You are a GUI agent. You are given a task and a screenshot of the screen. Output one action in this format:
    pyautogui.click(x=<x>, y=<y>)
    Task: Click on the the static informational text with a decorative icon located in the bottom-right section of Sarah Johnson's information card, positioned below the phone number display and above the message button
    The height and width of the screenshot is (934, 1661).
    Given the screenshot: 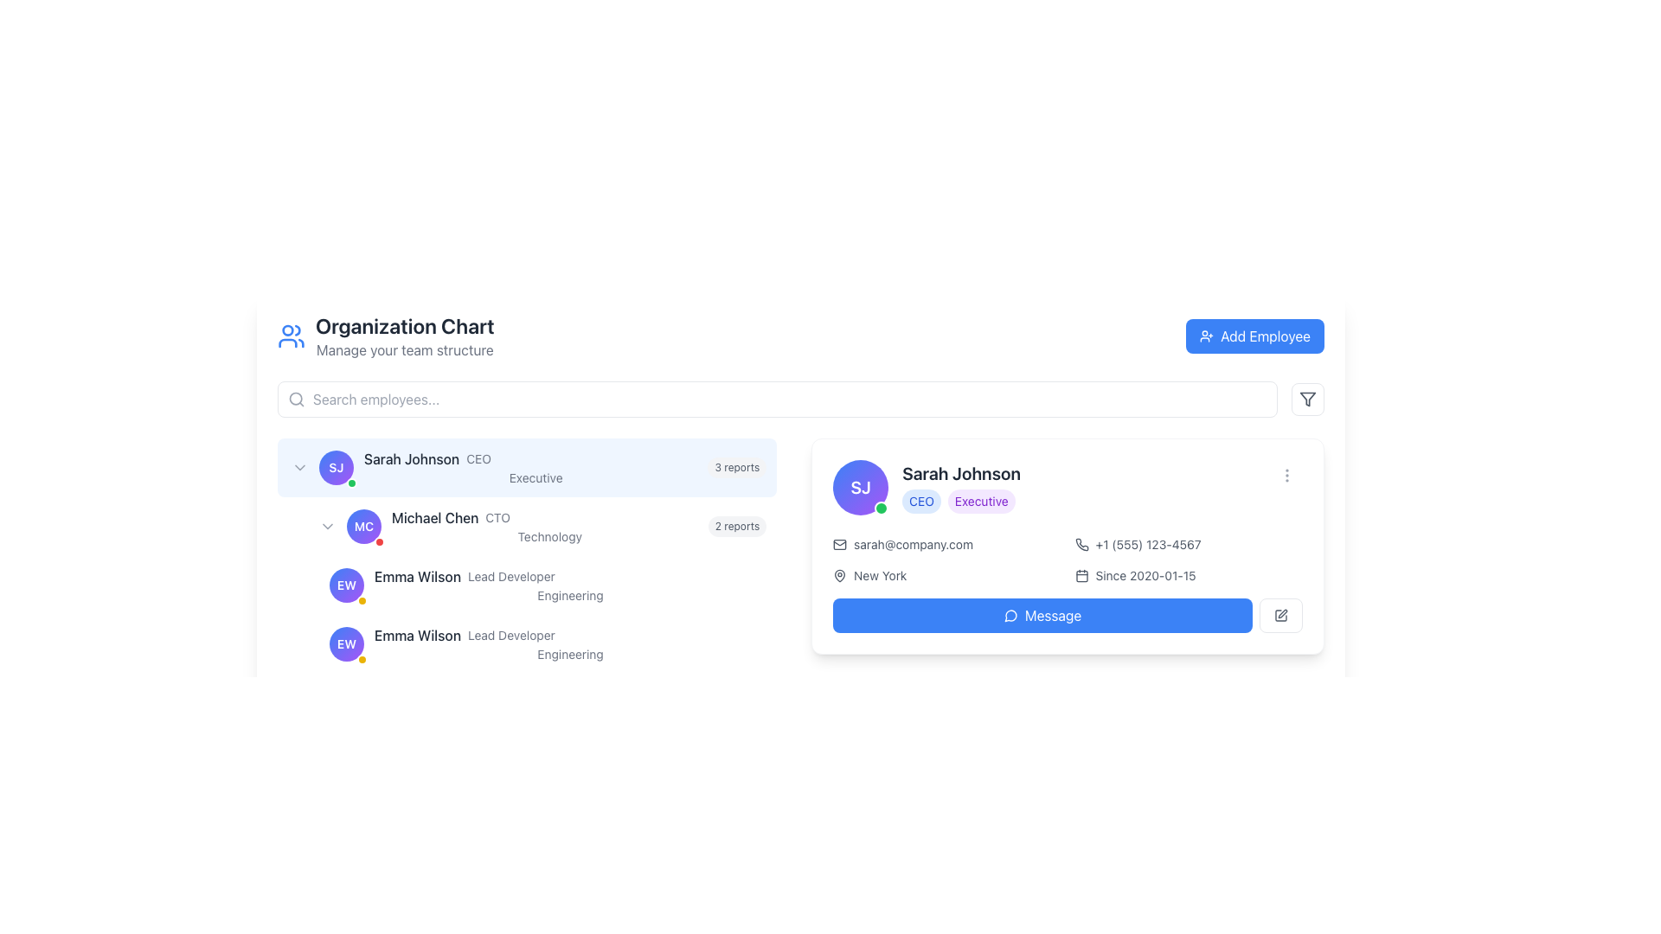 What is the action you would take?
    pyautogui.click(x=1188, y=576)
    